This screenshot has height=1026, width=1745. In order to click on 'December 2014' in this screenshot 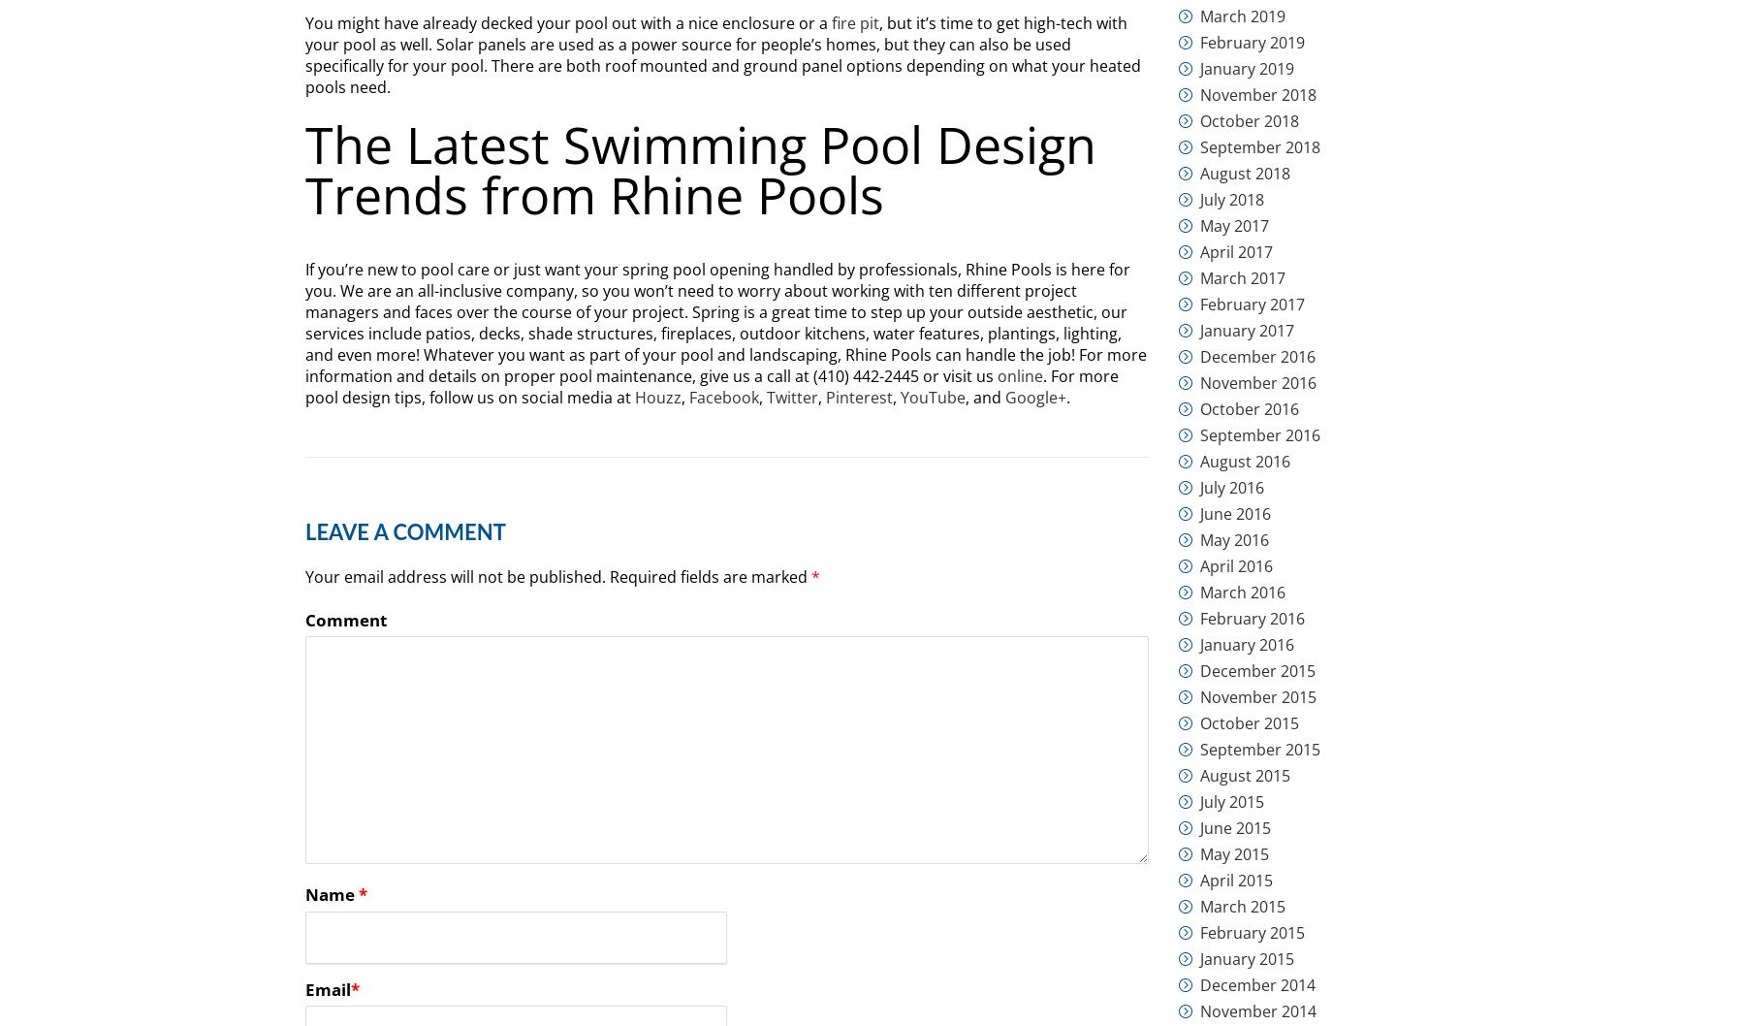, I will do `click(1257, 983)`.